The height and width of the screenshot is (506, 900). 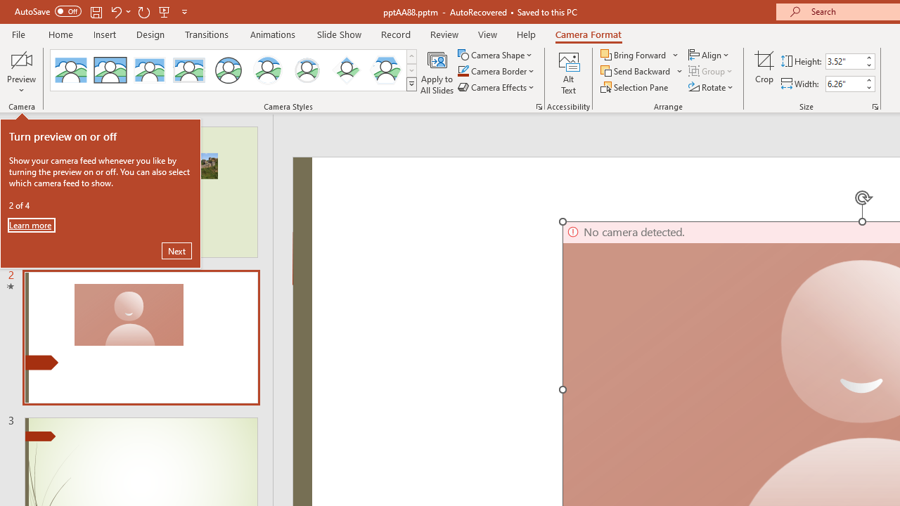 I want to click on 'Enable Camera Preview', so click(x=21, y=59).